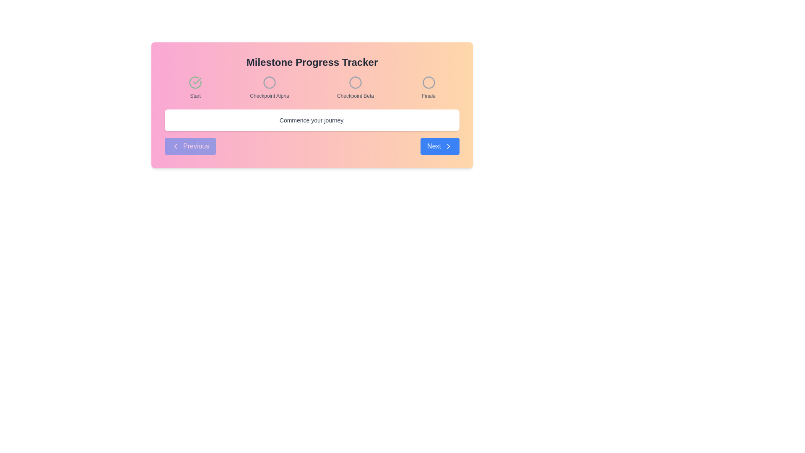 The image size is (805, 453). Describe the element at coordinates (355, 87) in the screenshot. I see `the third milestone indicator labeled 'Checkpoint Beta' in the progress tracker, located between 'Checkpoint Alpha' and 'Finale'` at that location.